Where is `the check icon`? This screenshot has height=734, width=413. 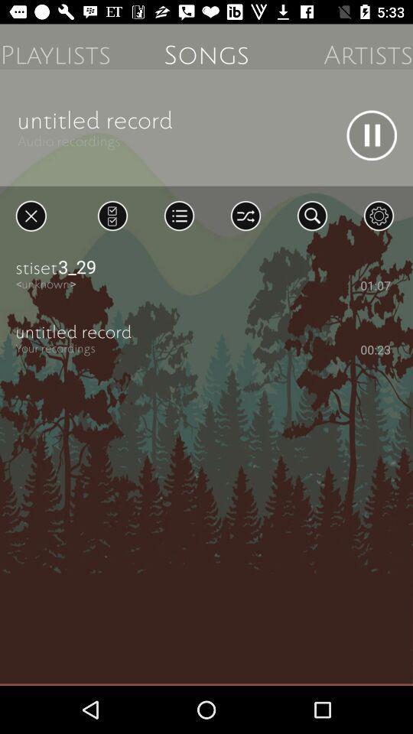
the check icon is located at coordinates (112, 215).